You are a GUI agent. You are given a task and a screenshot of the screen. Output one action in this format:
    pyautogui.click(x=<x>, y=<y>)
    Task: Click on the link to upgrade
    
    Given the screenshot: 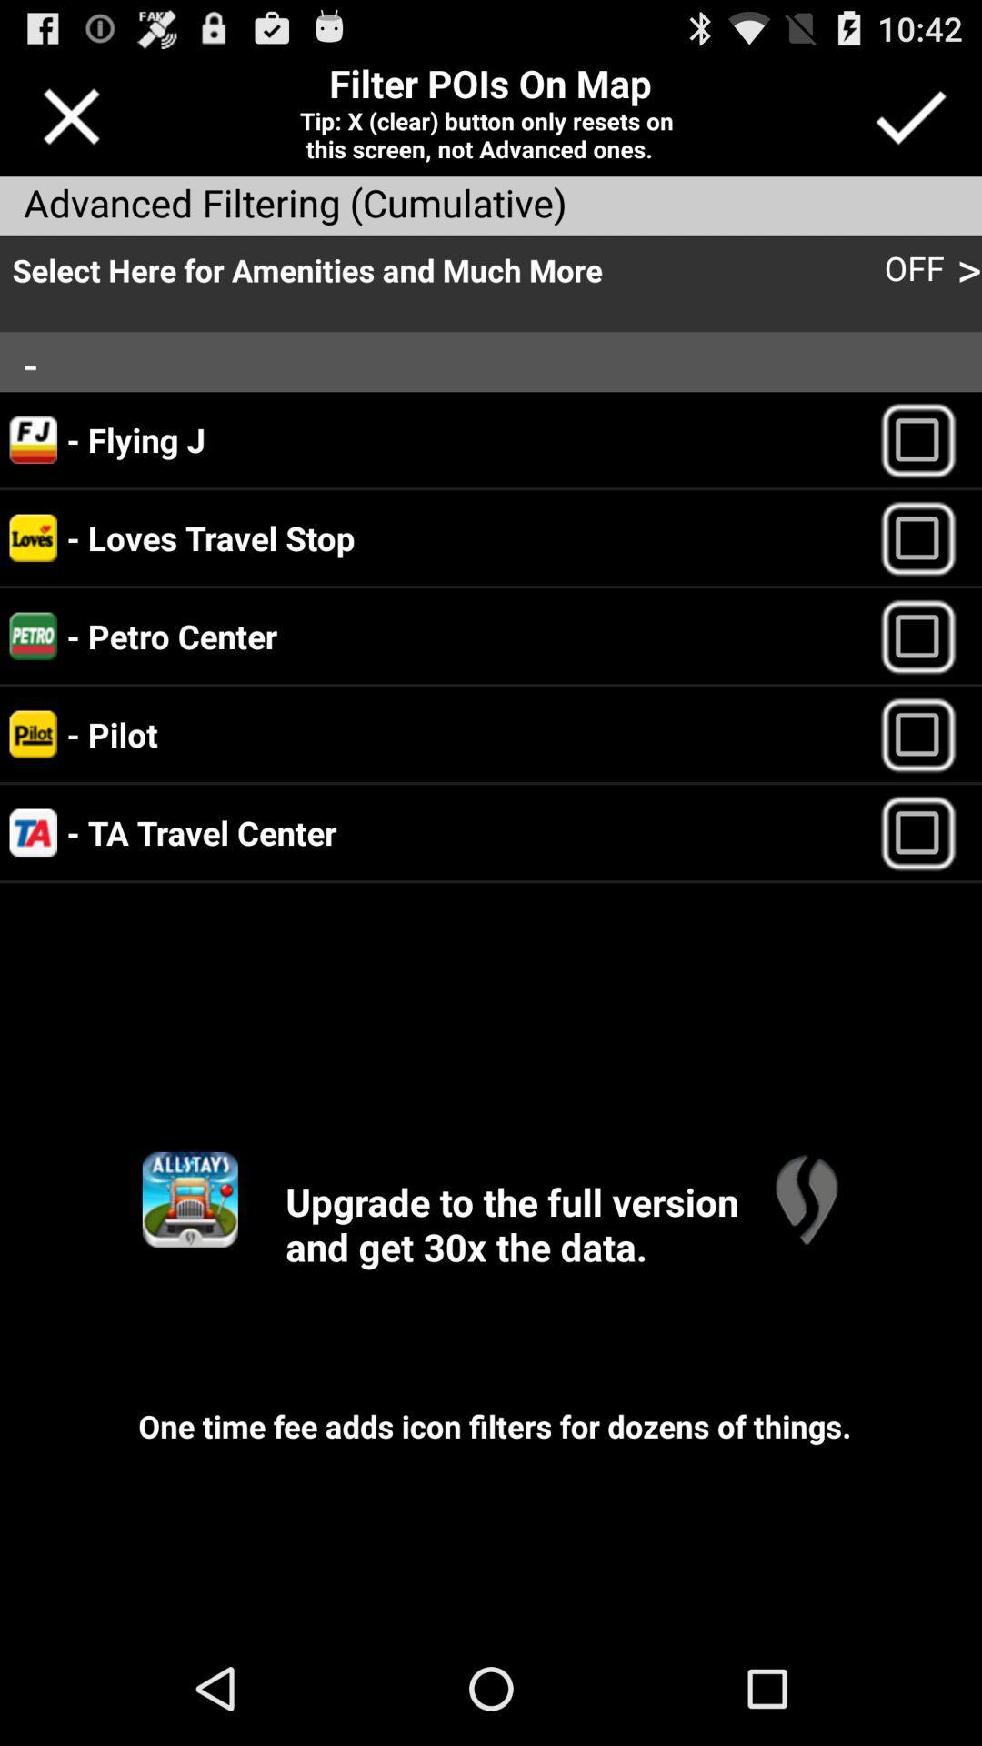 What is the action you would take?
    pyautogui.click(x=805, y=1199)
    